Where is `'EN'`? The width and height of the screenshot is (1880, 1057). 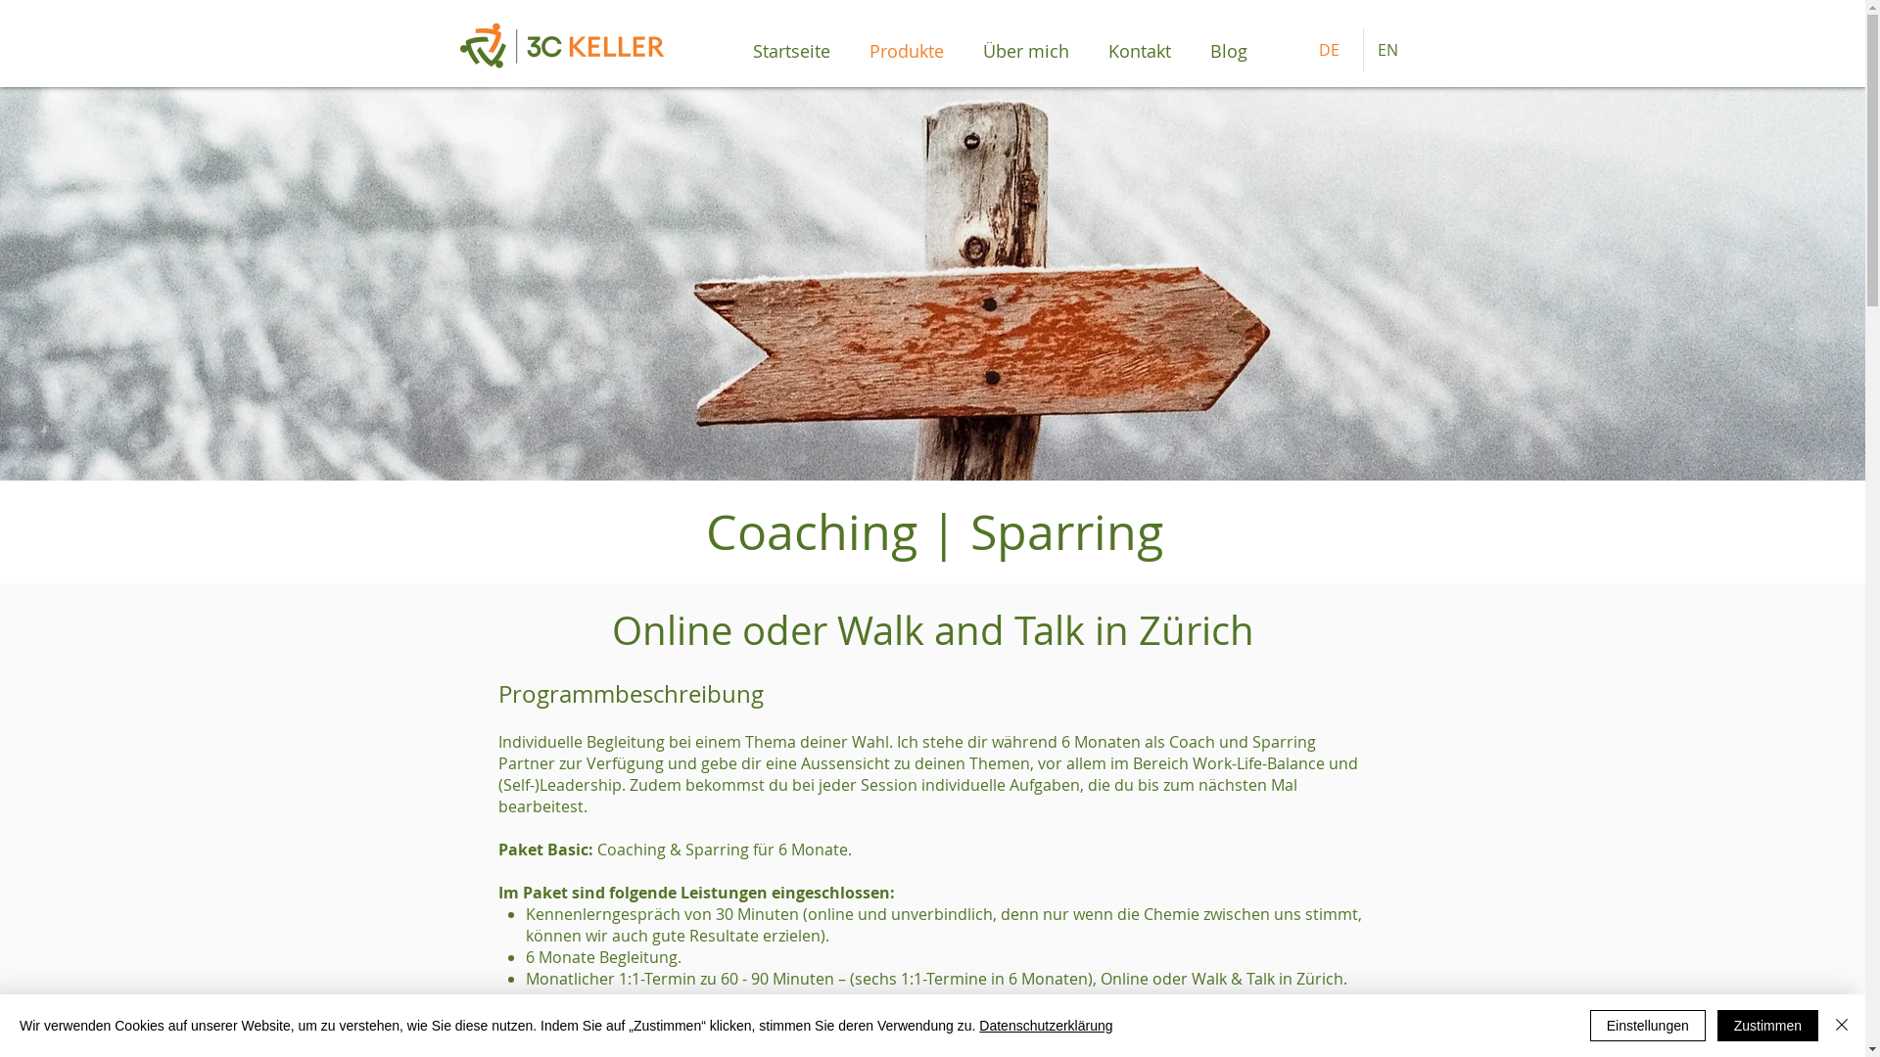
'EN' is located at coordinates (1391, 48).